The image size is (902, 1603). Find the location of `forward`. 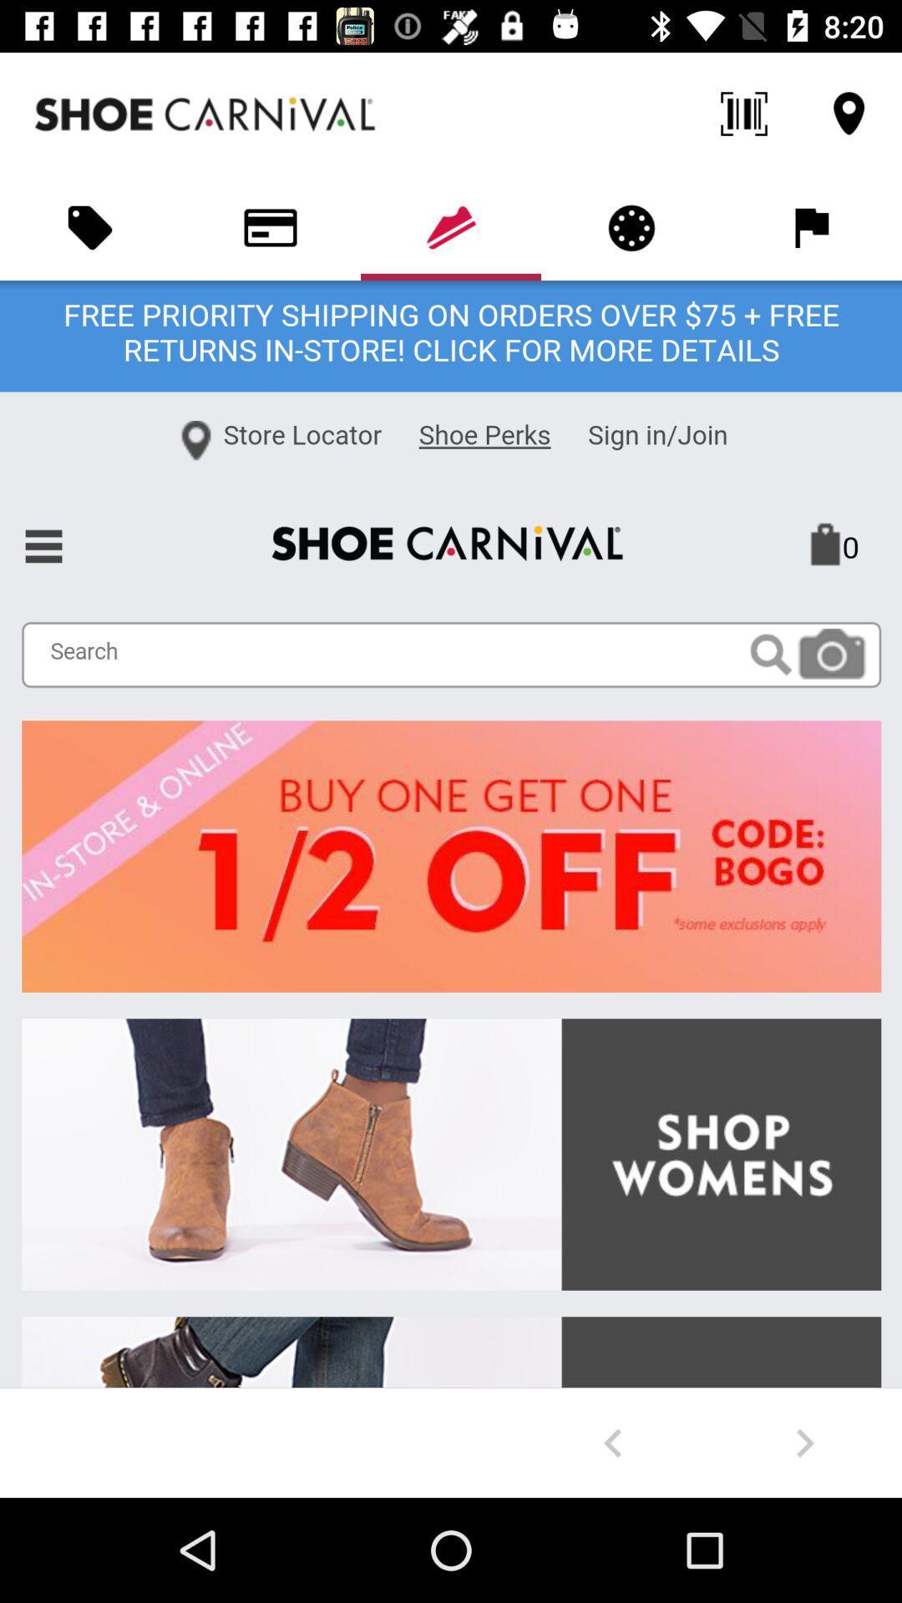

forward is located at coordinates (804, 1442).